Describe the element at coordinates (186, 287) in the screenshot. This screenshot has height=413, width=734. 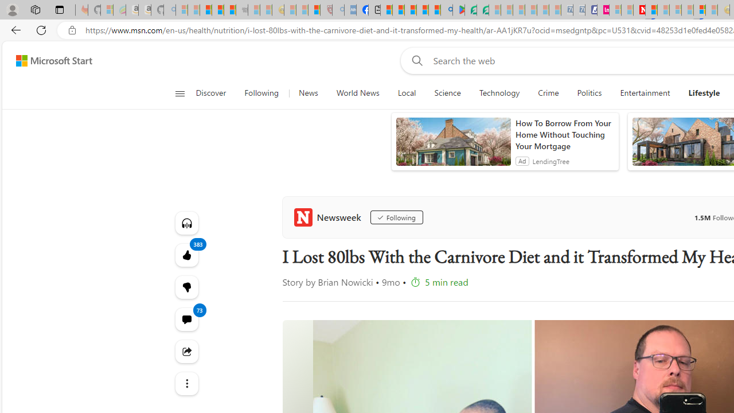
I see `'Dislike'` at that location.